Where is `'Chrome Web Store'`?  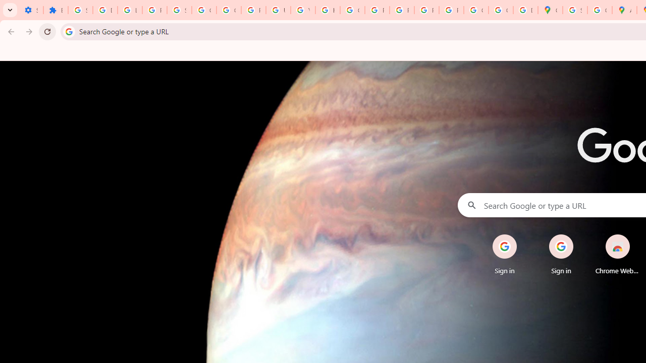 'Chrome Web Store' is located at coordinates (617, 254).